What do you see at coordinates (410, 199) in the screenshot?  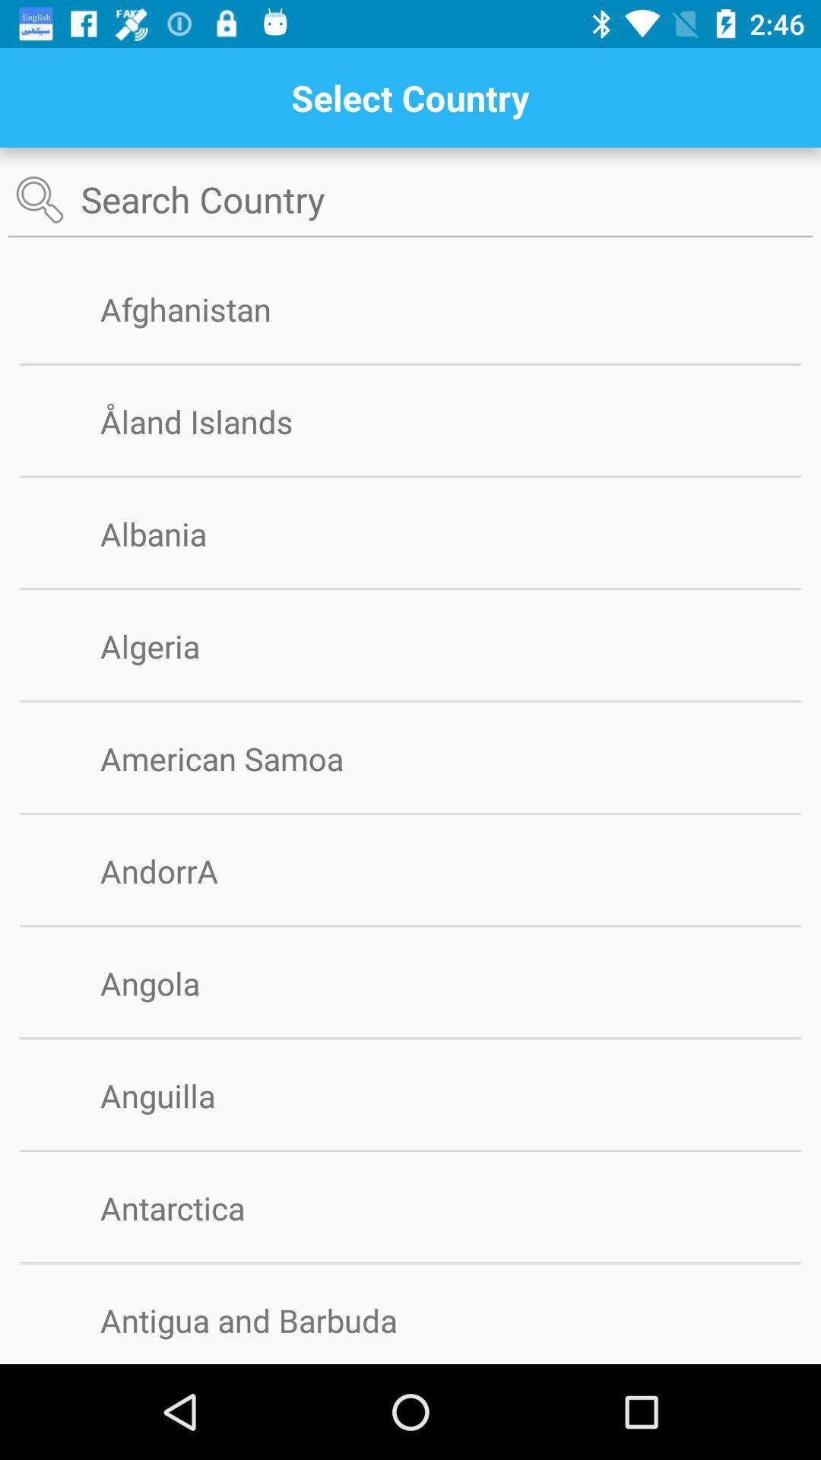 I see `search text box` at bounding box center [410, 199].